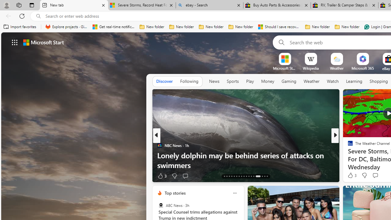 This screenshot has height=220, width=391. Describe the element at coordinates (231, 176) in the screenshot. I see `'AutomationID: tab-16'` at that location.